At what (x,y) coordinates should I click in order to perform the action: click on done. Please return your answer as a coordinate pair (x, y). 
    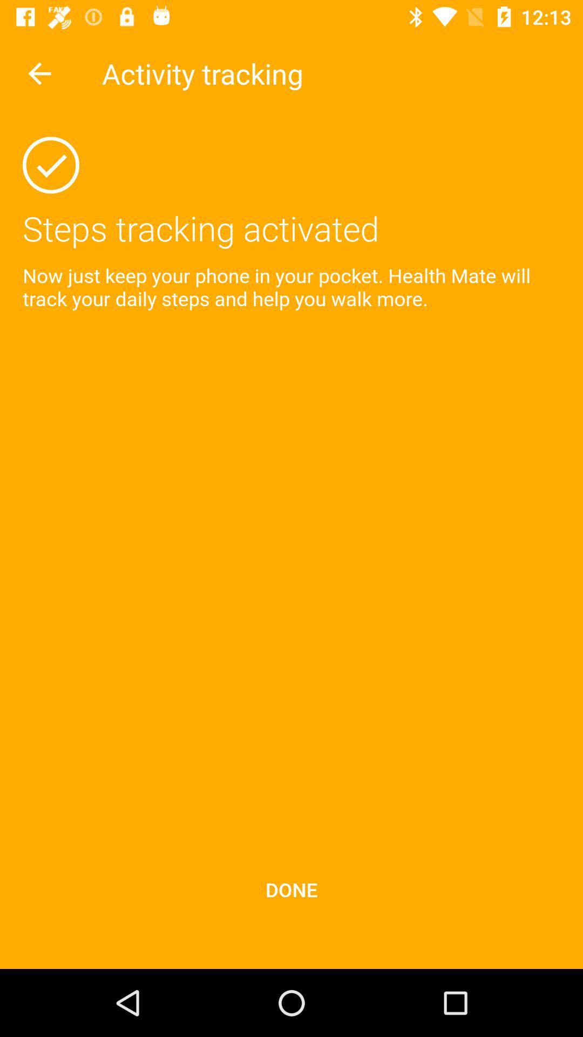
    Looking at the image, I should click on (291, 889).